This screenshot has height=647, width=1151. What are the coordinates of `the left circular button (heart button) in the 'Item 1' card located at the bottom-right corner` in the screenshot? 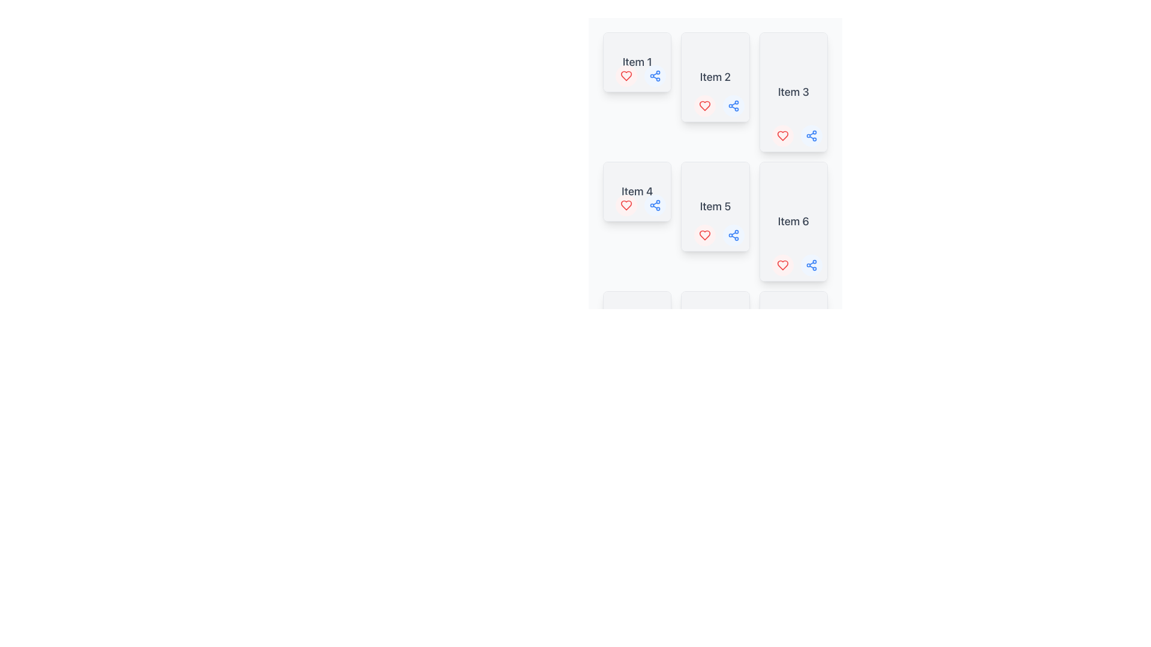 It's located at (640, 76).